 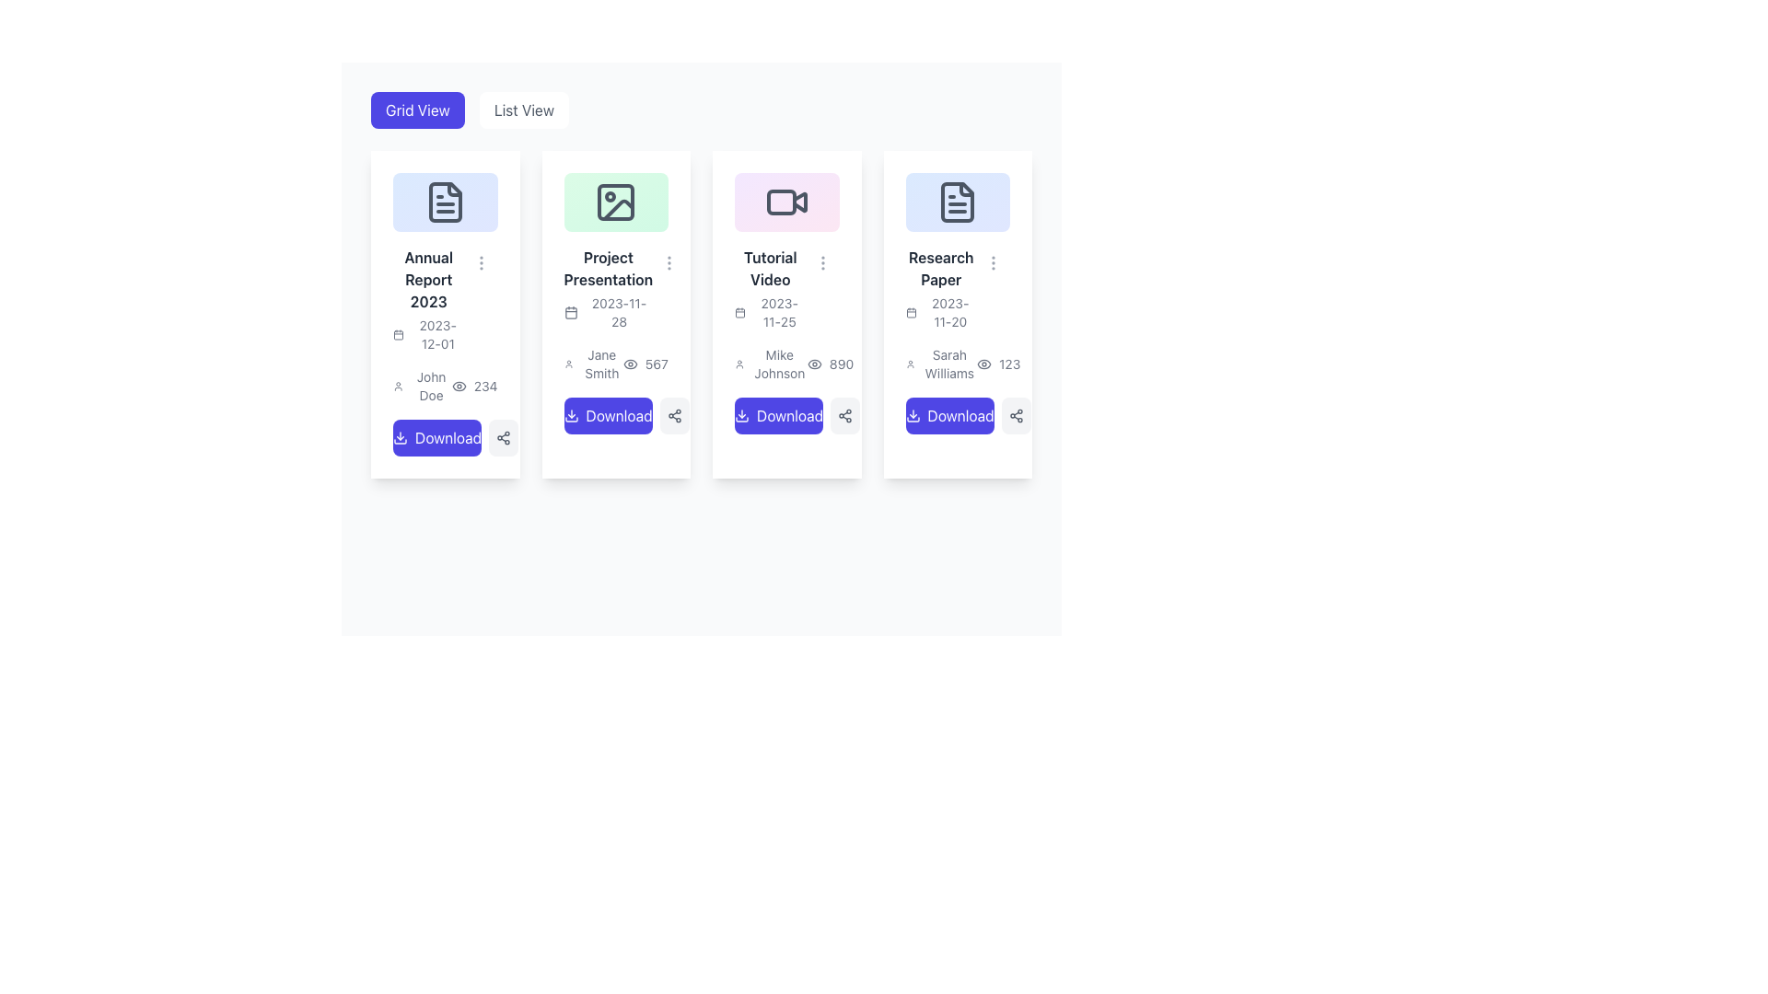 What do you see at coordinates (993, 262) in the screenshot?
I see `the menu trigger button located at the top-right corner of the 'Research Paper' card` at bounding box center [993, 262].